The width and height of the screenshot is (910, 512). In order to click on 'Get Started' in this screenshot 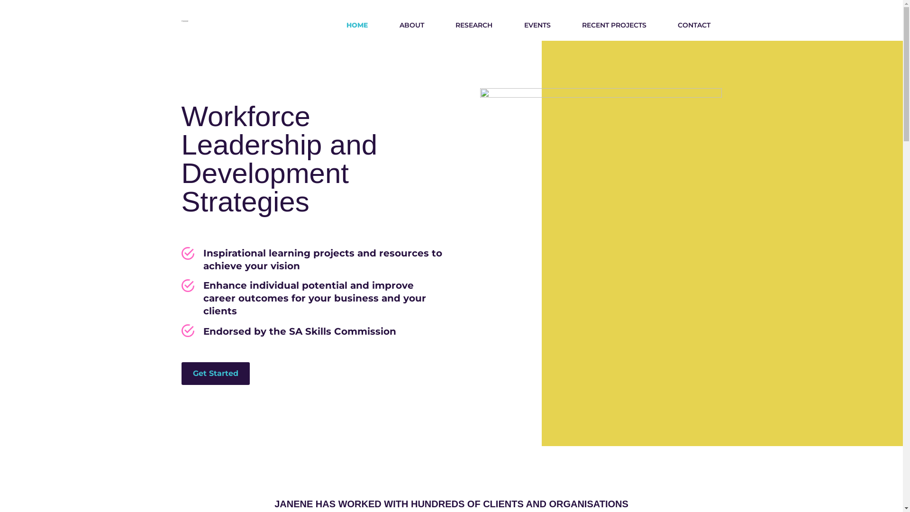, I will do `click(215, 373)`.